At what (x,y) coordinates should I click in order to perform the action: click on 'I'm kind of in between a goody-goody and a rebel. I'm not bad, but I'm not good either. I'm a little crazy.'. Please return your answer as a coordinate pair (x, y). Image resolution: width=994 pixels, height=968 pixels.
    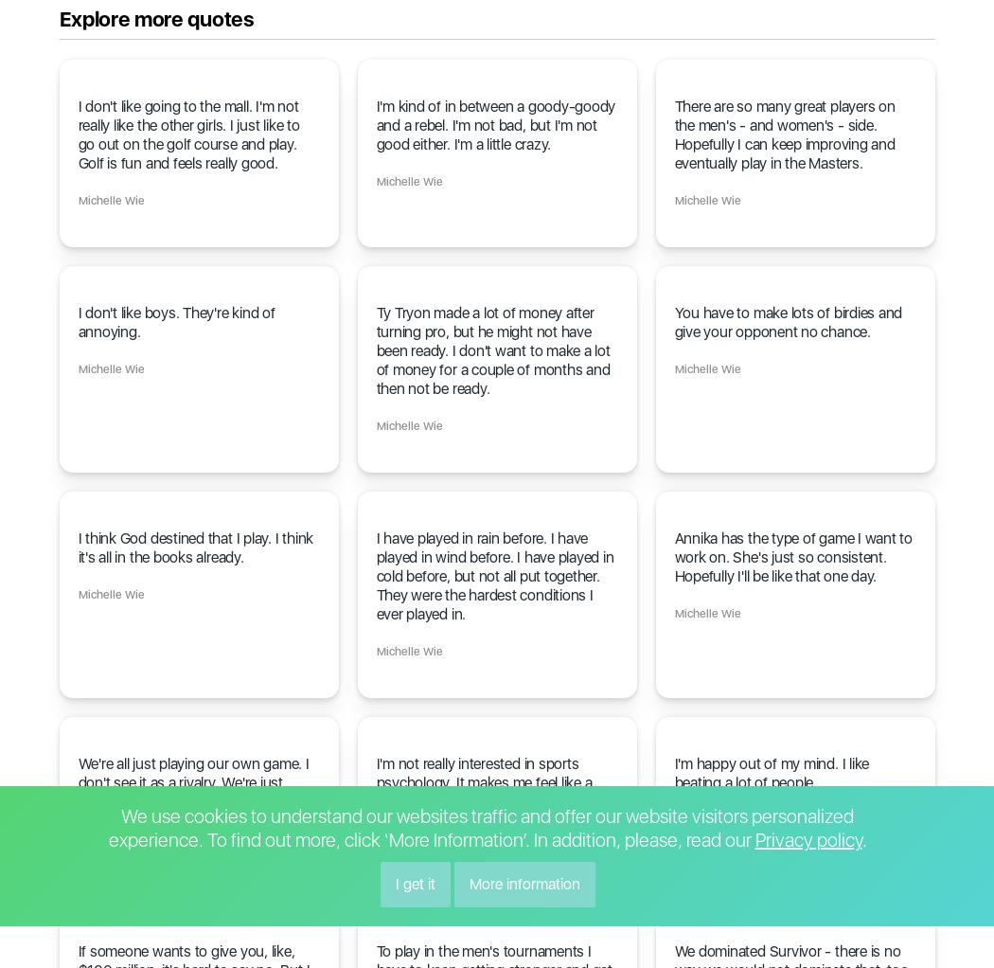
    Looking at the image, I should click on (494, 125).